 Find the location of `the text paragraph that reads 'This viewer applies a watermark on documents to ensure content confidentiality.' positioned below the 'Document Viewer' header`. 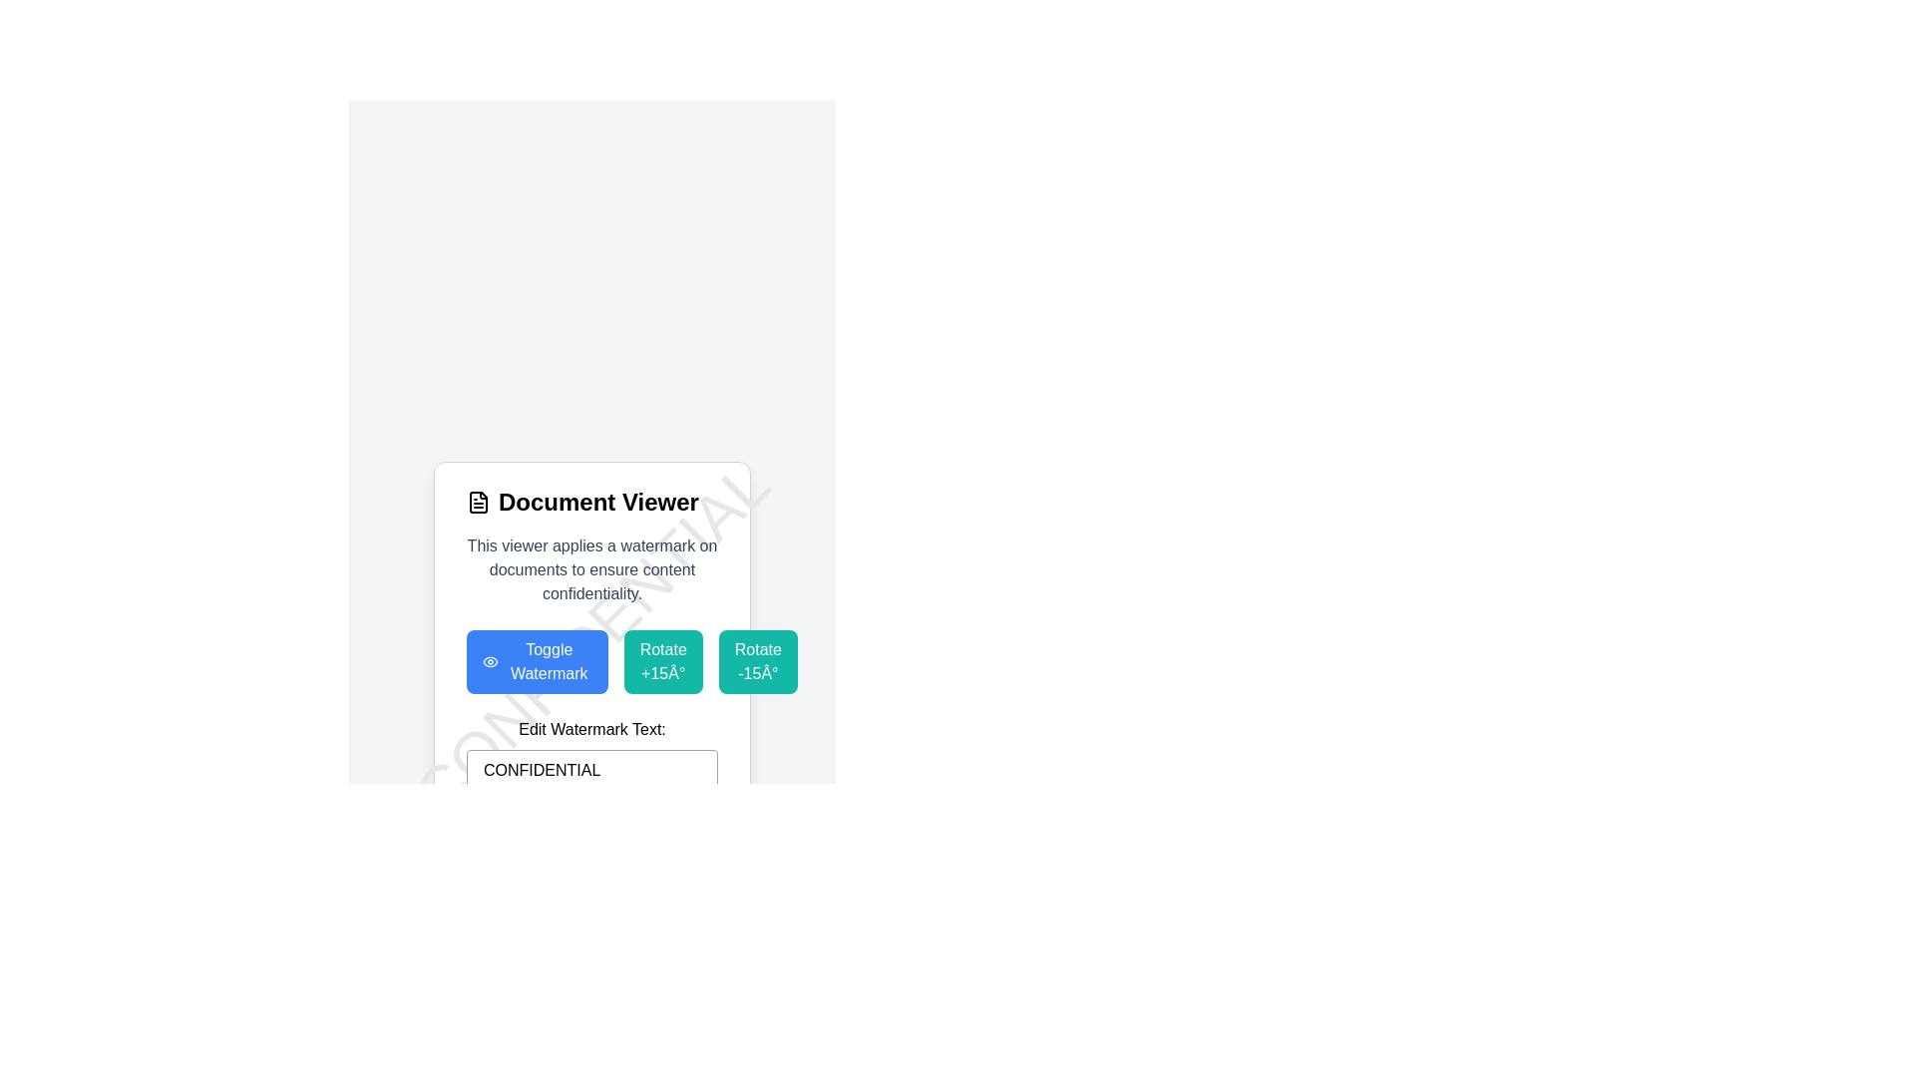

the text paragraph that reads 'This viewer applies a watermark on documents to ensure content confidentiality.' positioned below the 'Document Viewer' header is located at coordinates (591, 569).